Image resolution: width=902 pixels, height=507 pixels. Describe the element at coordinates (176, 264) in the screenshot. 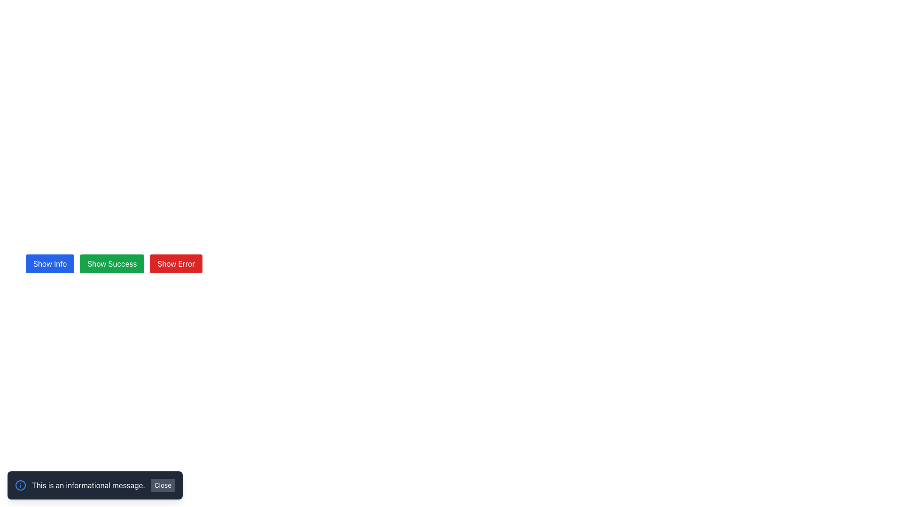

I see `the 'Show Error' button, which is a rectangular button with a red background and white text, located in the bottom section of the interface` at that location.